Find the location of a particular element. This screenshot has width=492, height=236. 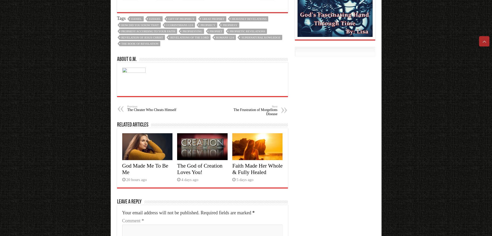

'Your email address will not be published.' is located at coordinates (161, 213).